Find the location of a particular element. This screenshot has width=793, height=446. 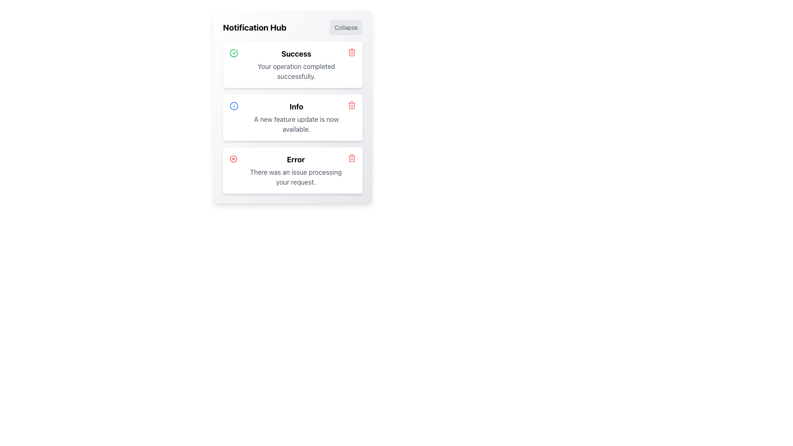

notification message indicating a successful operation, which includes a bold 'Success' summary and additional details, located in the topmost card of the notification hub is located at coordinates (296, 64).